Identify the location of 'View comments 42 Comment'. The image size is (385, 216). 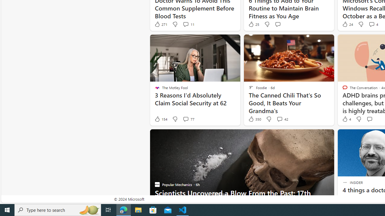
(279, 119).